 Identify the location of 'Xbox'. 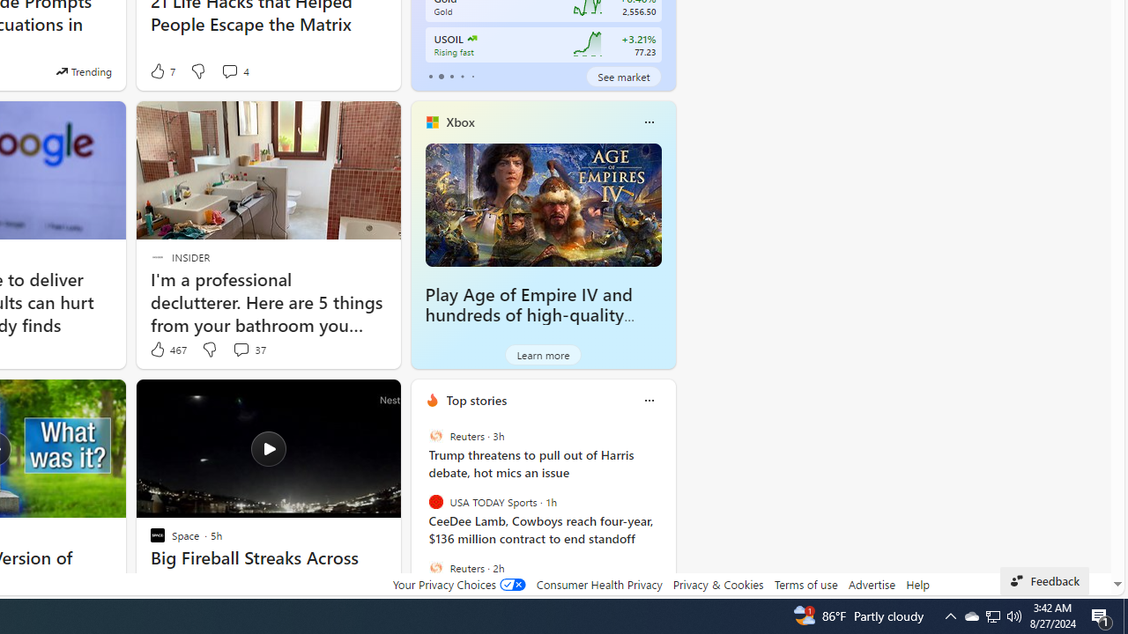
(460, 122).